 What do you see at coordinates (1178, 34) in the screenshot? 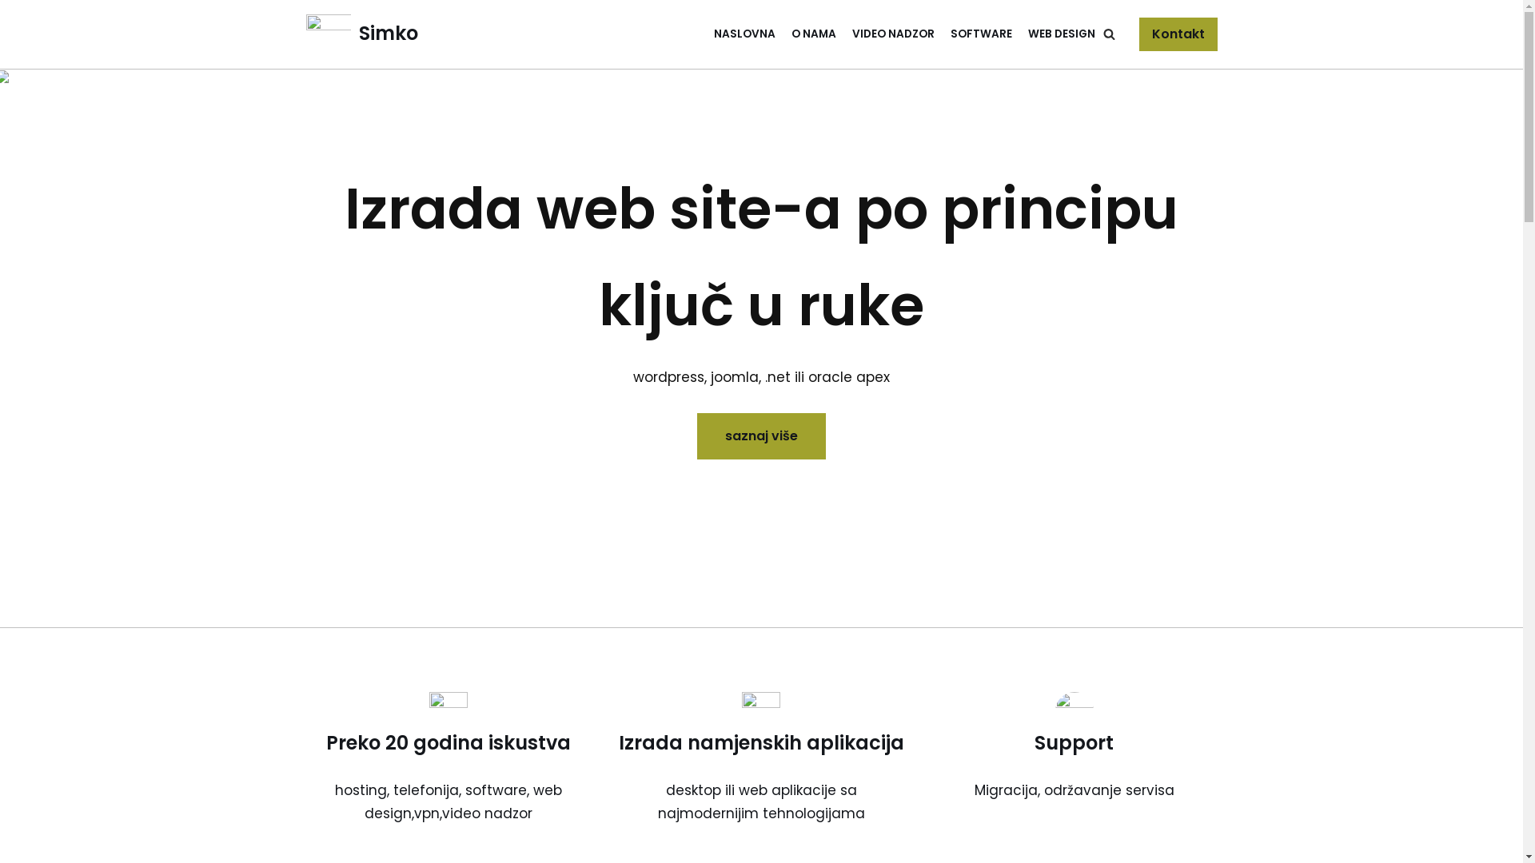
I see `'Kontakt'` at bounding box center [1178, 34].